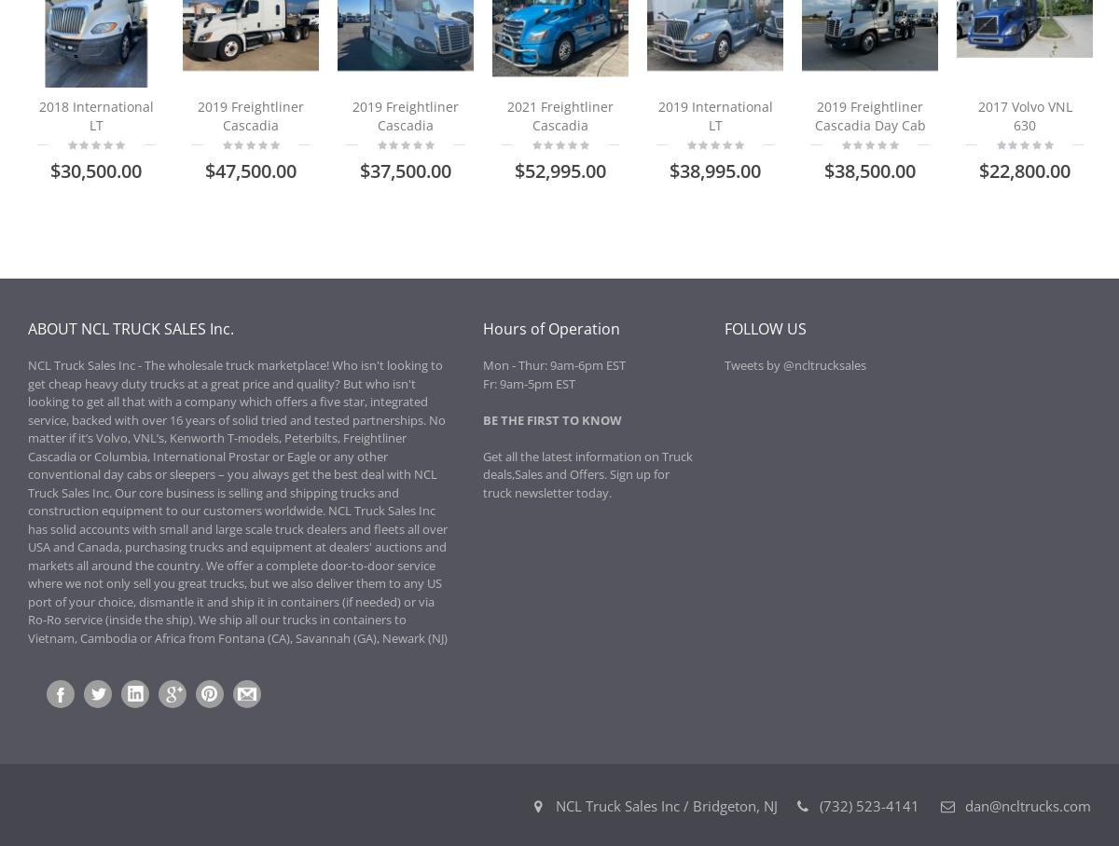 The height and width of the screenshot is (846, 1119). I want to click on '2019 Freightliner Cascadia Day Cab', so click(869, 116).